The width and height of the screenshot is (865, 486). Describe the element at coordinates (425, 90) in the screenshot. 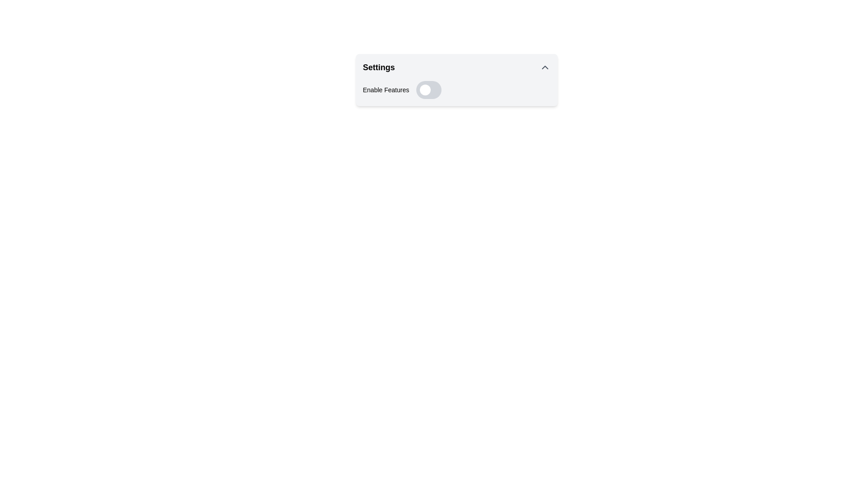

I see `the Toggle switch indicator located near the left end of the toggle switch bar in the 'Enable Features' settings section to change its state` at that location.